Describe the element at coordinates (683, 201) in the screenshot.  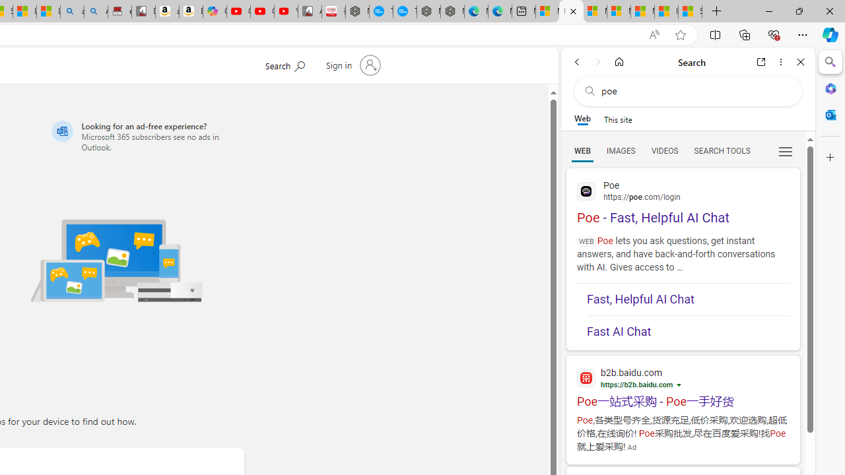
I see `'Poe - Fast, Helpful AI Chat'` at that location.